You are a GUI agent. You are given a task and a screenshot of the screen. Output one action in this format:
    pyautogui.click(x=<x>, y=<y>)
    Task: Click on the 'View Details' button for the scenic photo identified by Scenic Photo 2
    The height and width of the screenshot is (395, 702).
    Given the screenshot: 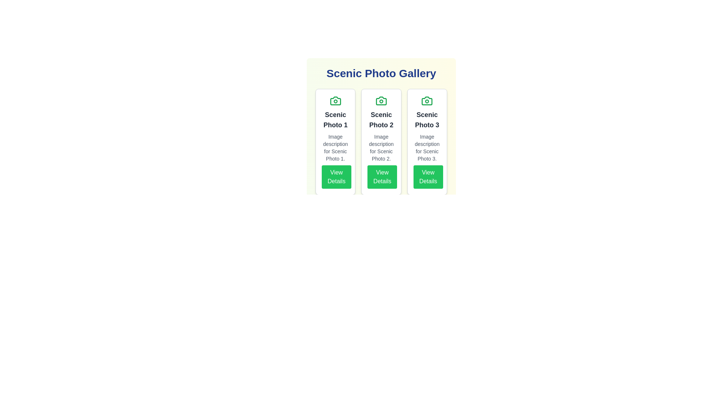 What is the action you would take?
    pyautogui.click(x=382, y=177)
    